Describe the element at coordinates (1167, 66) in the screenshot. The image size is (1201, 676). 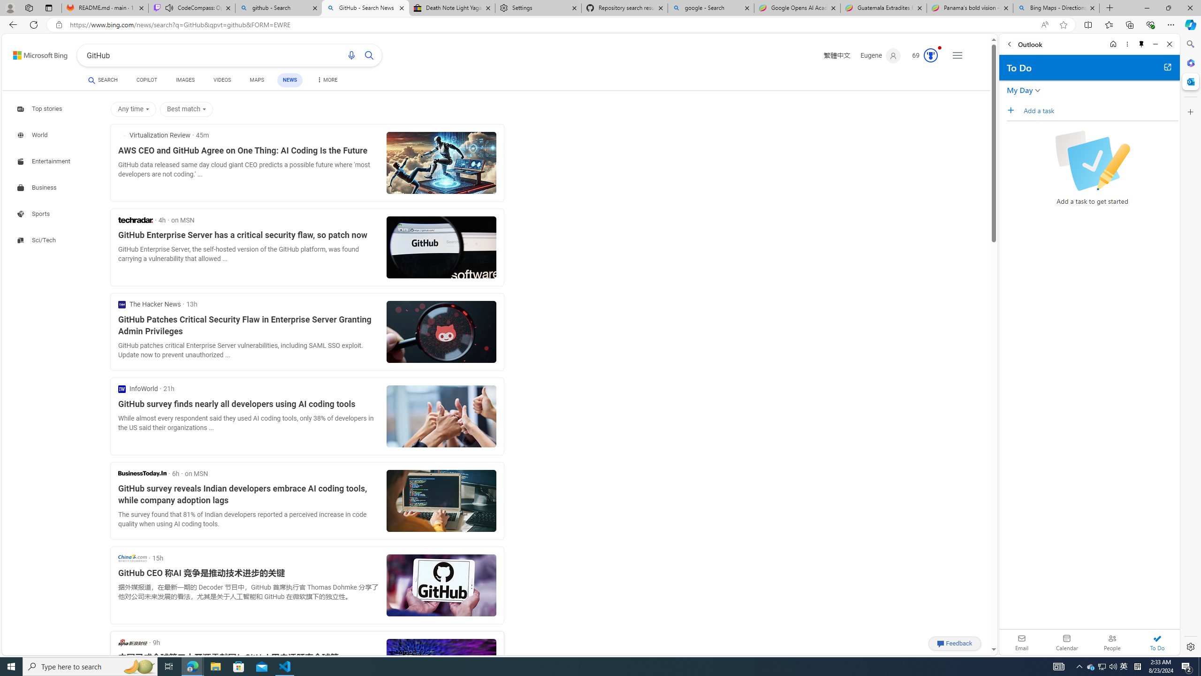
I see `'Open in new tab'` at that location.